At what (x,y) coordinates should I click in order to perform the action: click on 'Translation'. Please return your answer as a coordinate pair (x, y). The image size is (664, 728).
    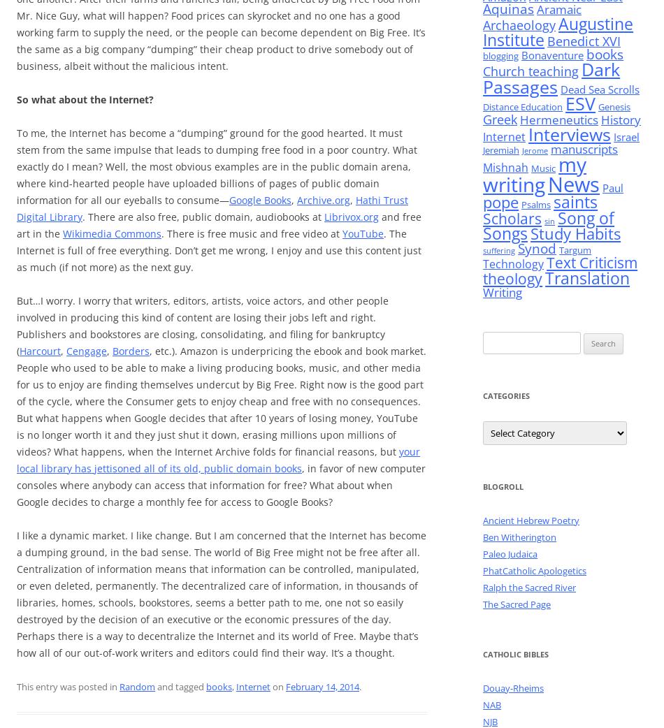
    Looking at the image, I should click on (586, 277).